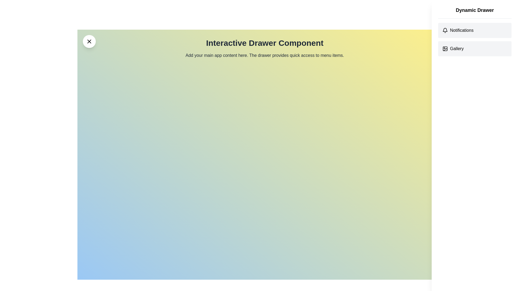  What do you see at coordinates (445, 49) in the screenshot?
I see `the topmost square-shaped graphical UI component with rounded corners located in the middle-right section of the drawer menu next to the 'Gallery' text item` at bounding box center [445, 49].